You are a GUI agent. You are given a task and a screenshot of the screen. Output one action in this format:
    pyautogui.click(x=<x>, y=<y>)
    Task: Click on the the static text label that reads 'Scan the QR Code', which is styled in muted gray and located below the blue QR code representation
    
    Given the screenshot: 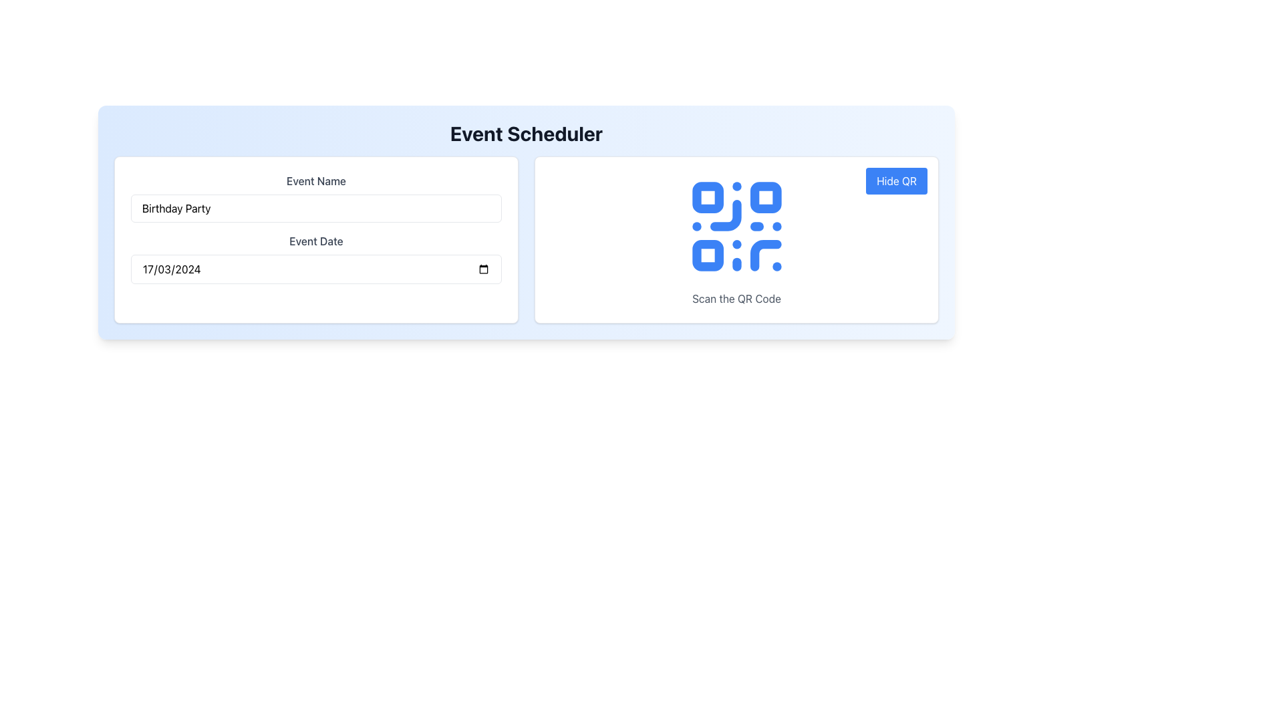 What is the action you would take?
    pyautogui.click(x=736, y=298)
    